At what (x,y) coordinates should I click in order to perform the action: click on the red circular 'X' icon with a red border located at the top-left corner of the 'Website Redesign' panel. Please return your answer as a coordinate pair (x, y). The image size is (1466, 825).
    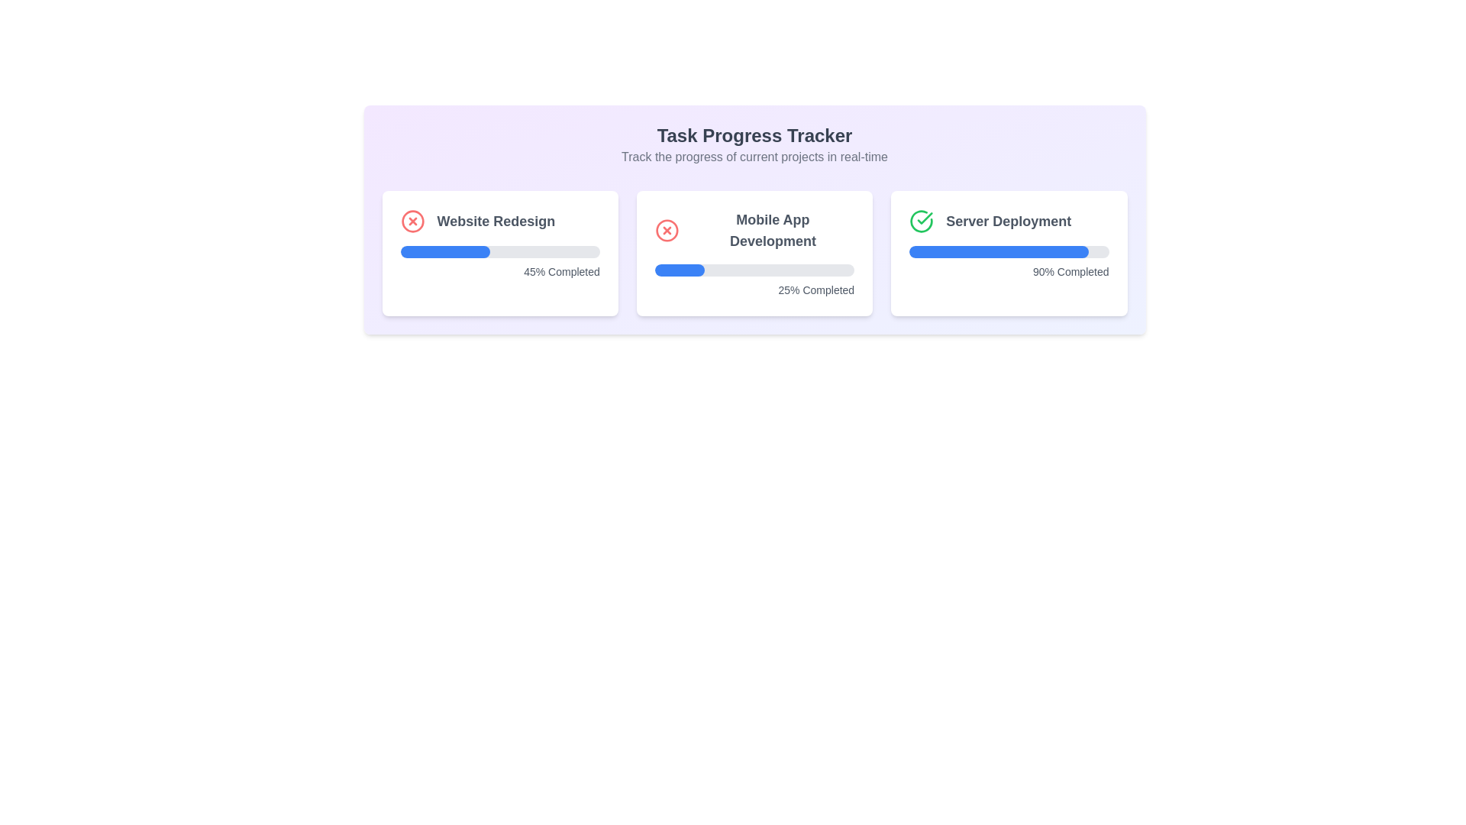
    Looking at the image, I should click on (412, 221).